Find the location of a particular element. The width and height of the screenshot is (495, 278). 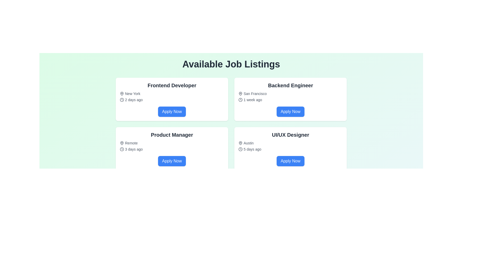

the blue 'Apply Now' button with rounded edges located in the job listing for 'Backend Engineer' to initiate the application process is located at coordinates (291, 111).